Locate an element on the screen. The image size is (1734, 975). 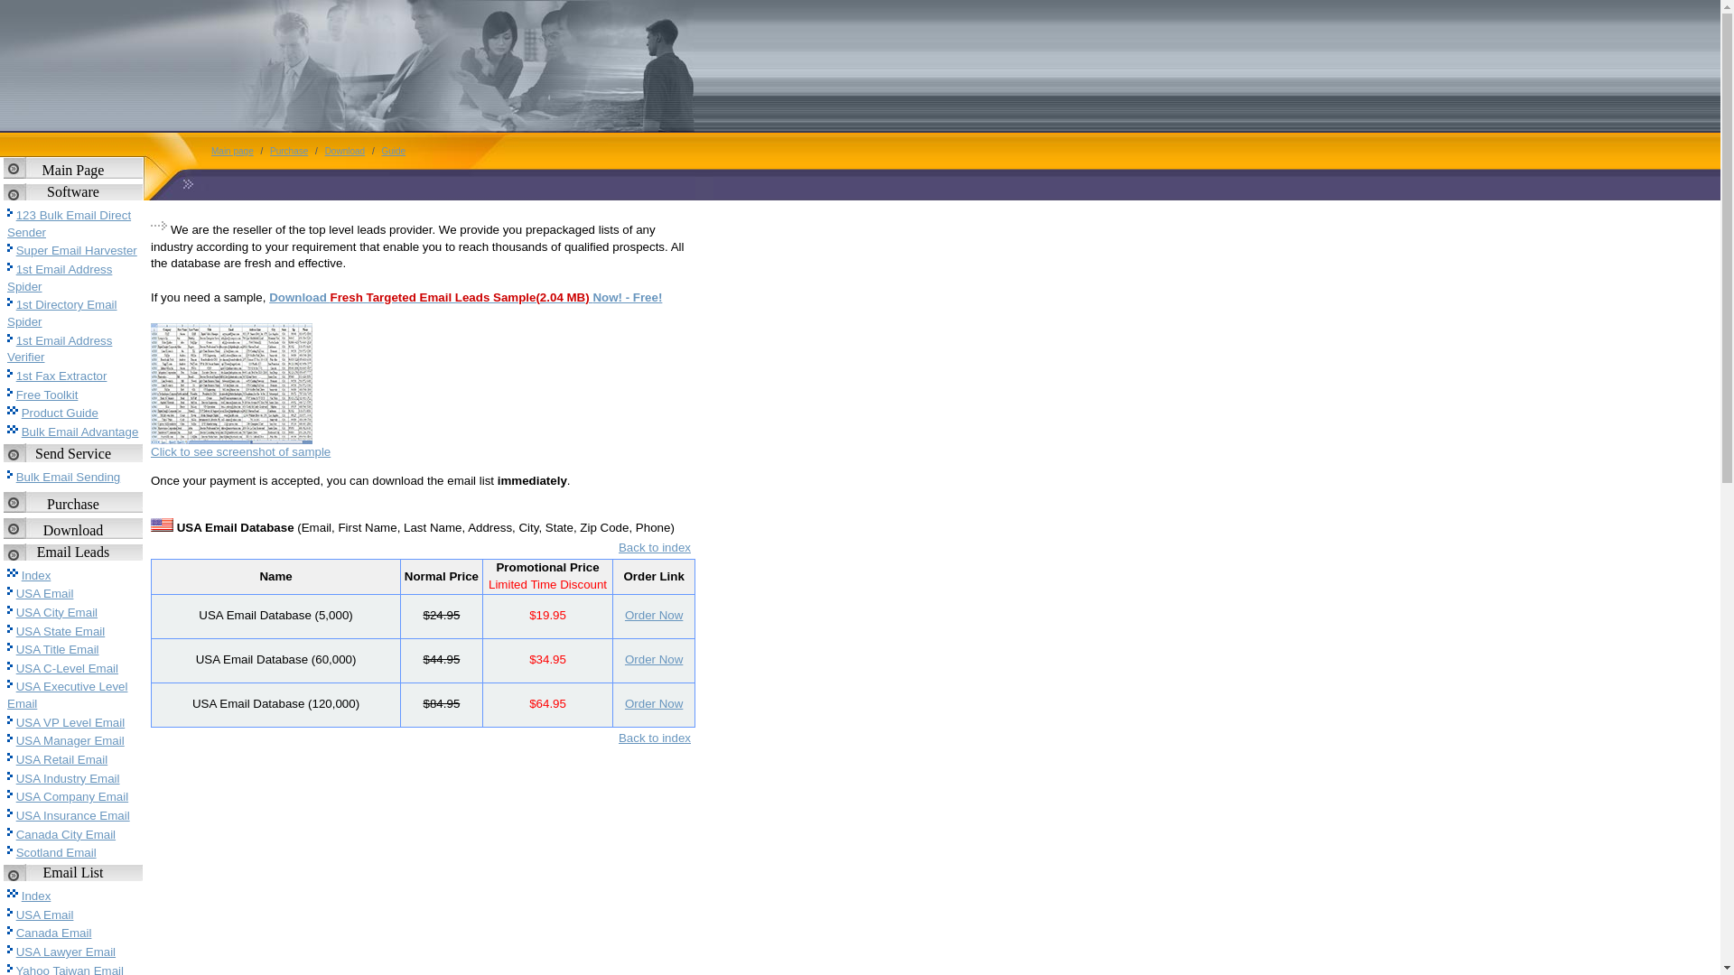
'USA VP Level Email' is located at coordinates (70, 721).